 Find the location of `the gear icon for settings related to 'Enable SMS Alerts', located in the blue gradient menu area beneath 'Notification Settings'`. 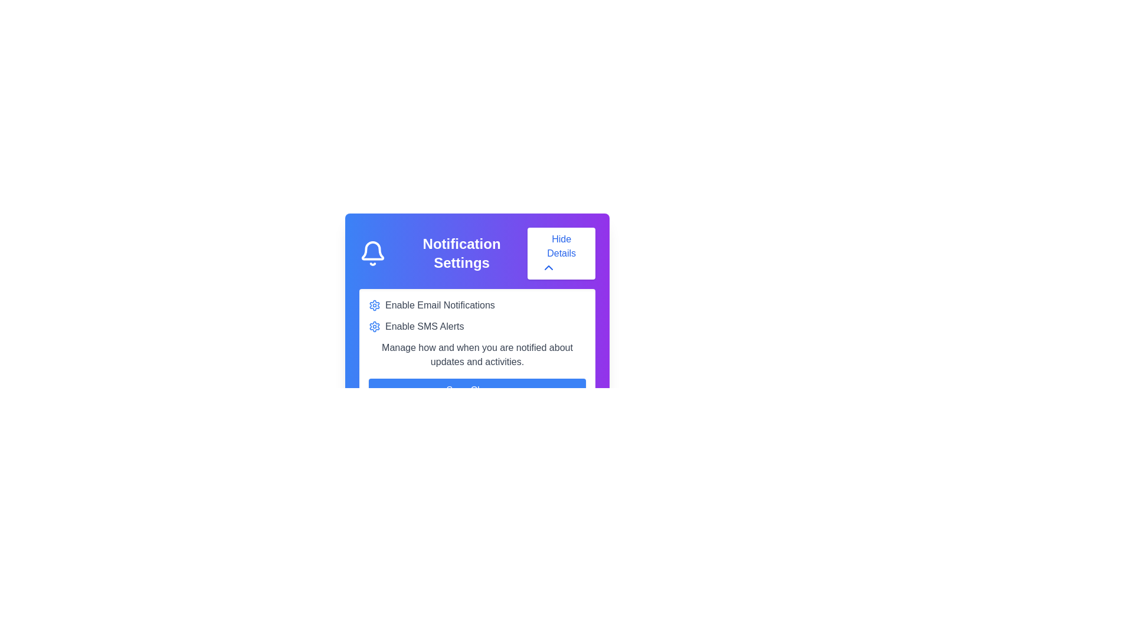

the gear icon for settings related to 'Enable SMS Alerts', located in the blue gradient menu area beneath 'Notification Settings' is located at coordinates (374, 304).